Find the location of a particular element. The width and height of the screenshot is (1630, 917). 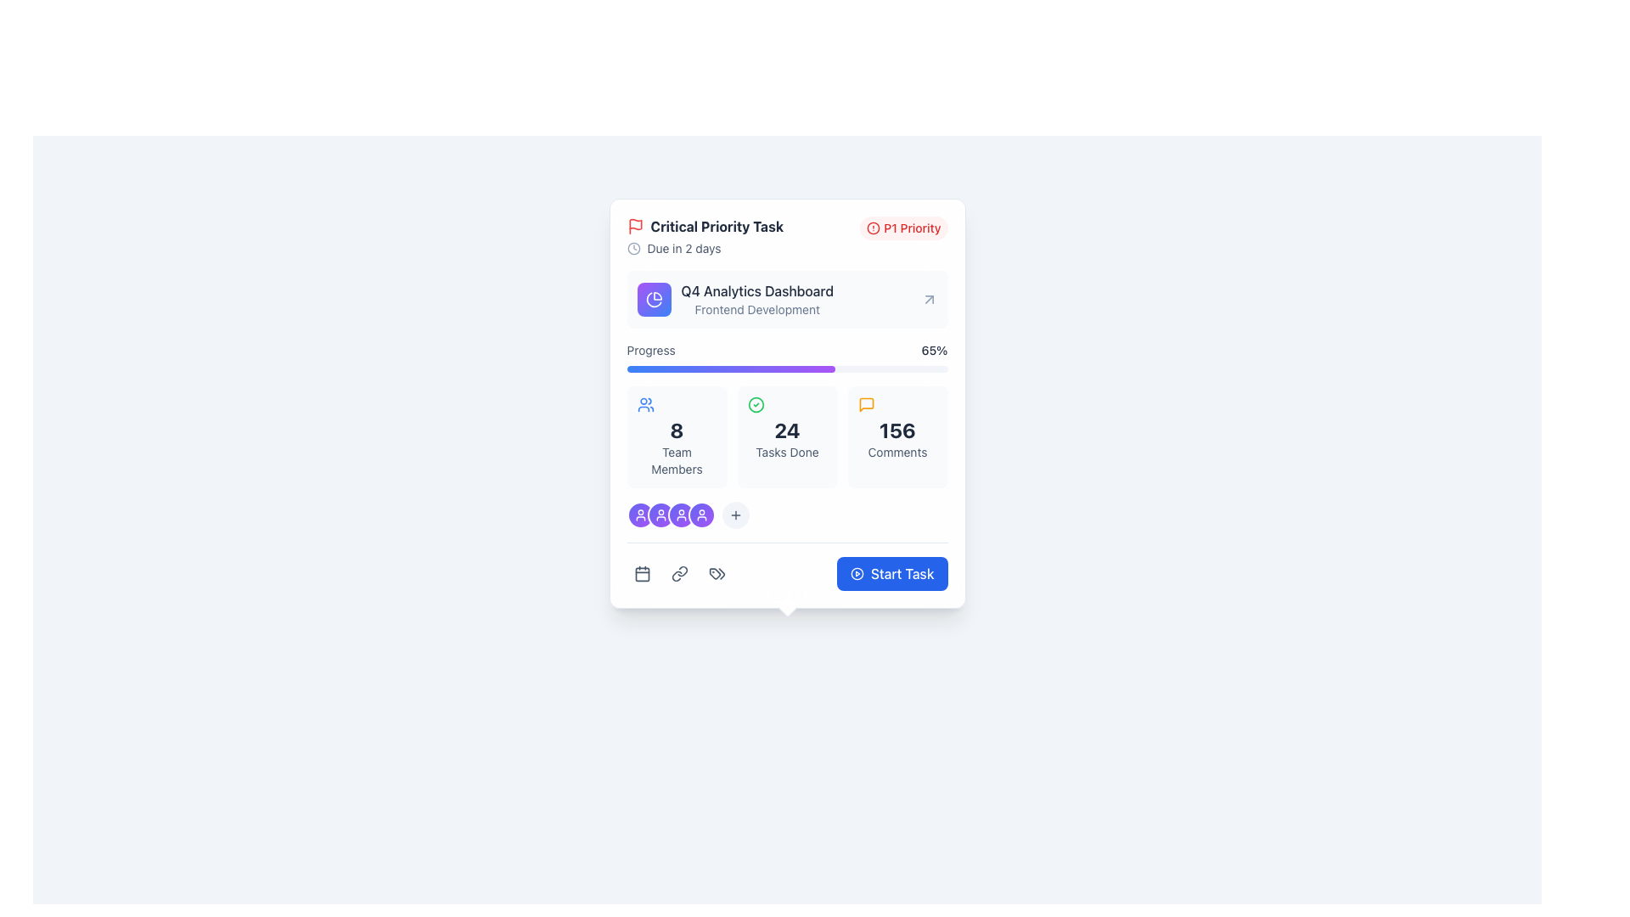

the middle icon of the interactive button group situated is located at coordinates (679, 573).